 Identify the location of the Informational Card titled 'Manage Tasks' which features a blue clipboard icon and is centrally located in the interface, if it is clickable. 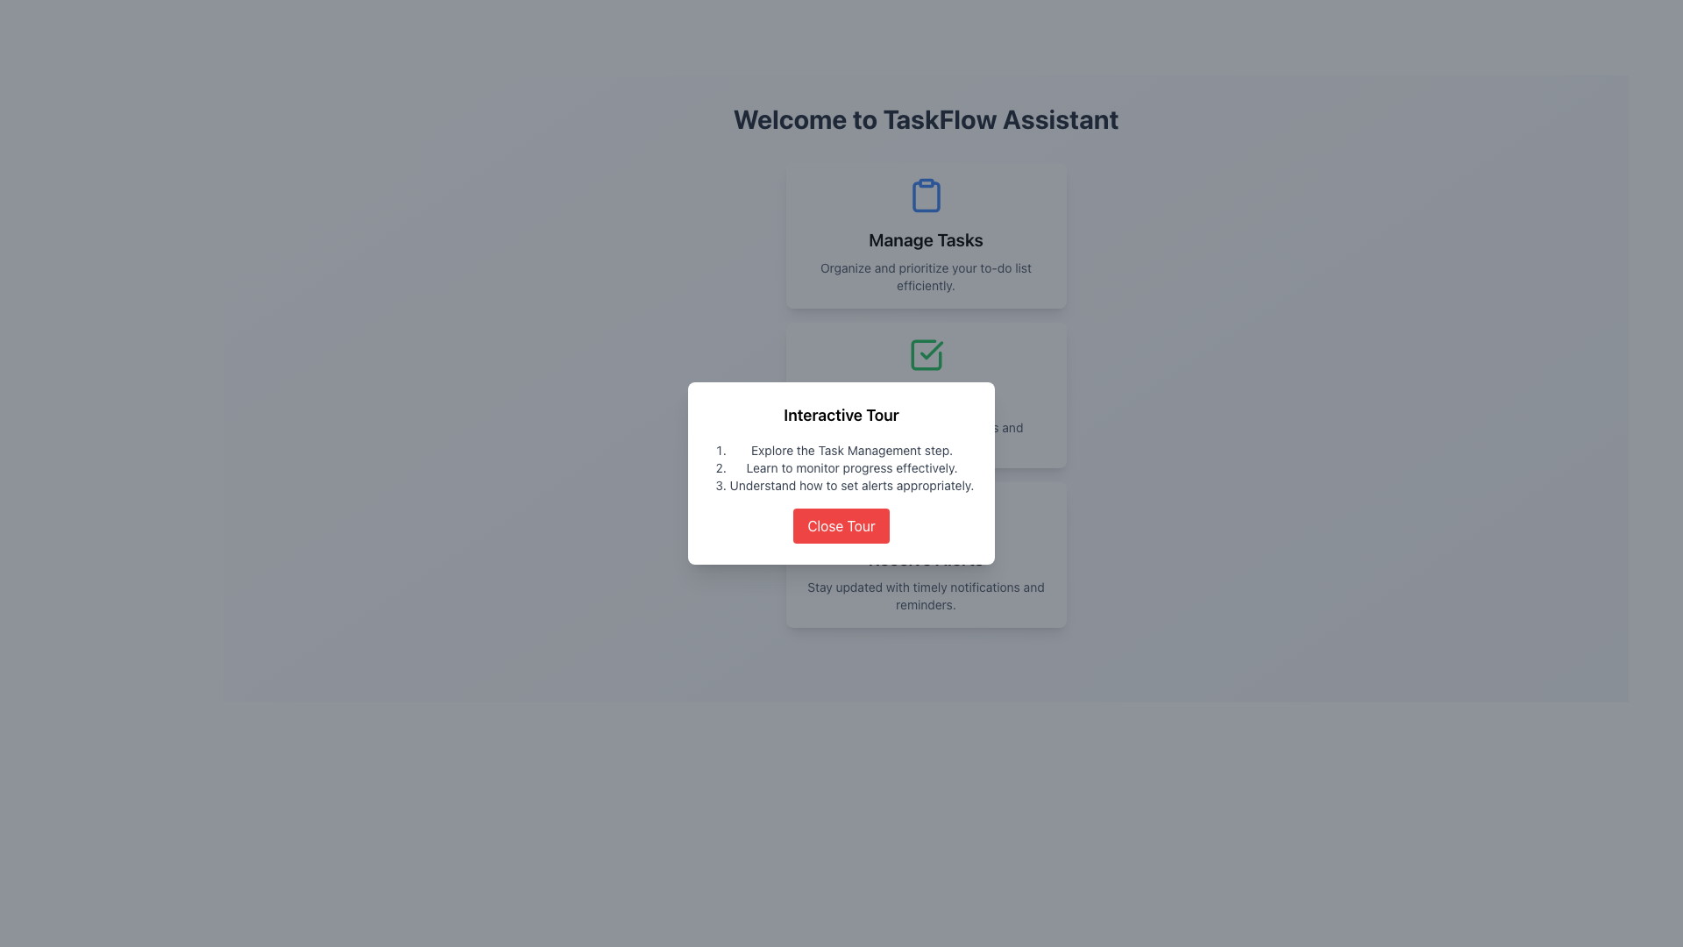
(925, 235).